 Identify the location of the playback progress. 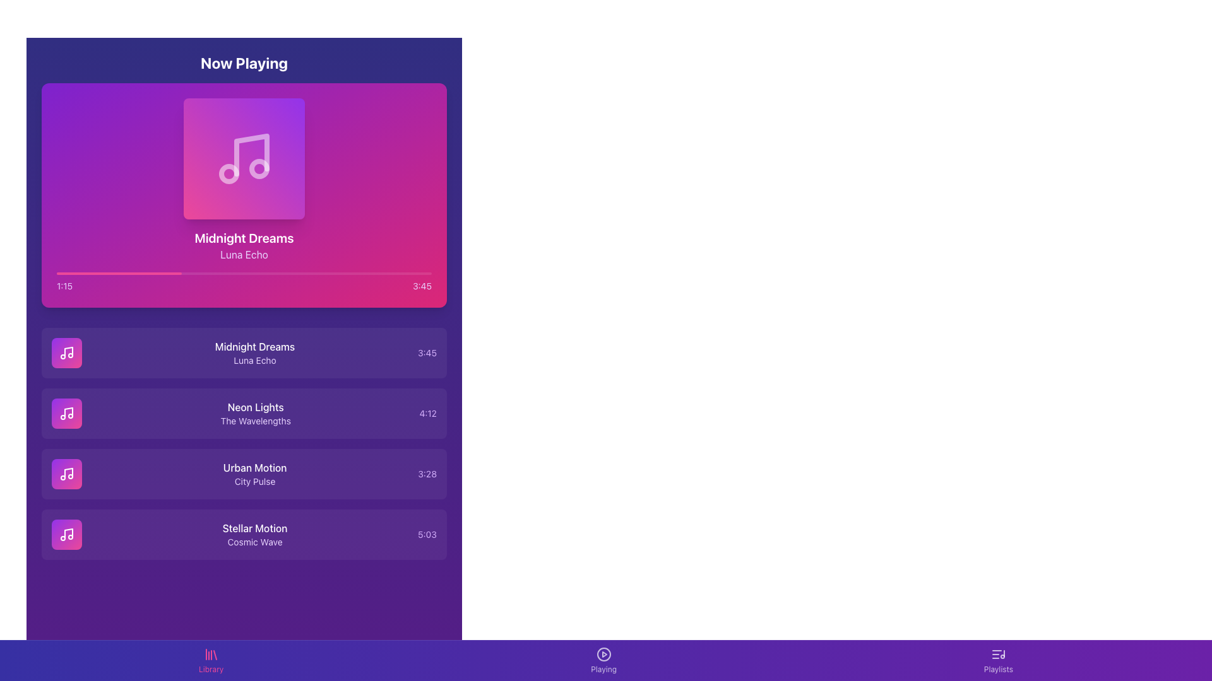
(205, 273).